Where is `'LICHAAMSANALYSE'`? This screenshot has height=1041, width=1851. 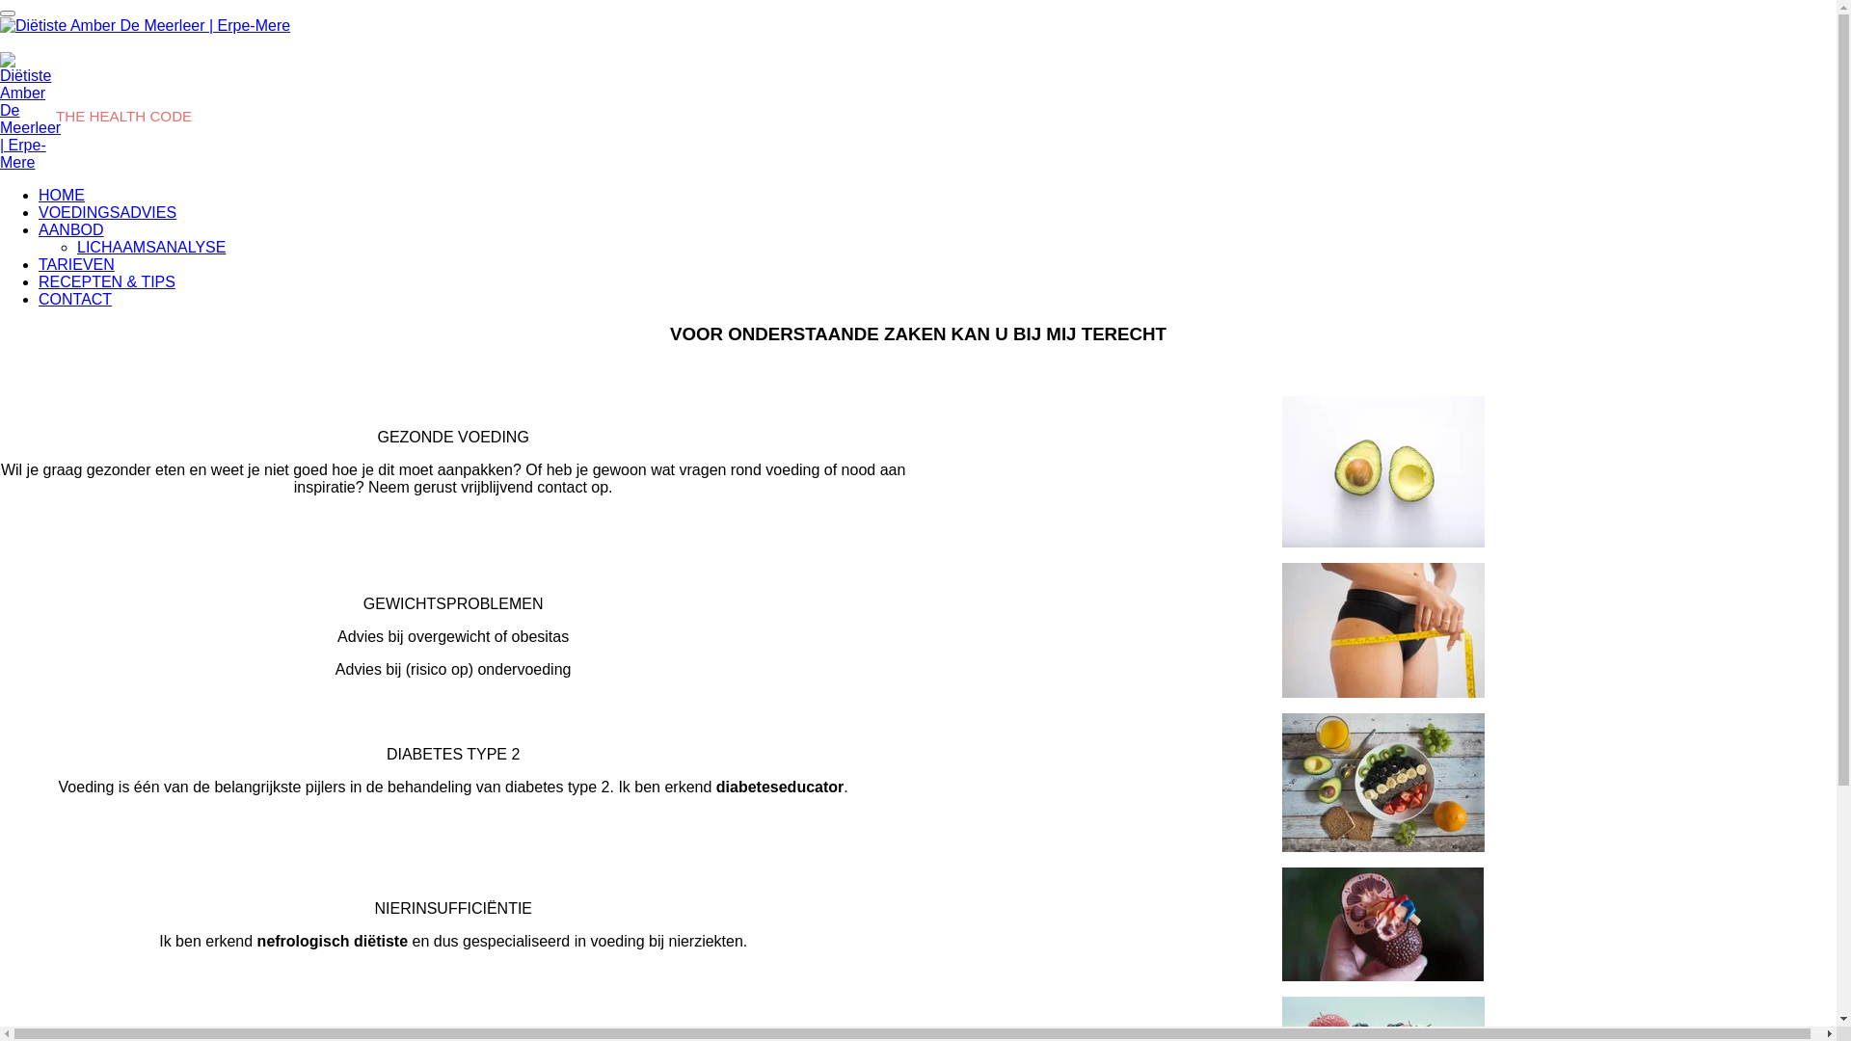 'LICHAAMSANALYSE' is located at coordinates (150, 246).